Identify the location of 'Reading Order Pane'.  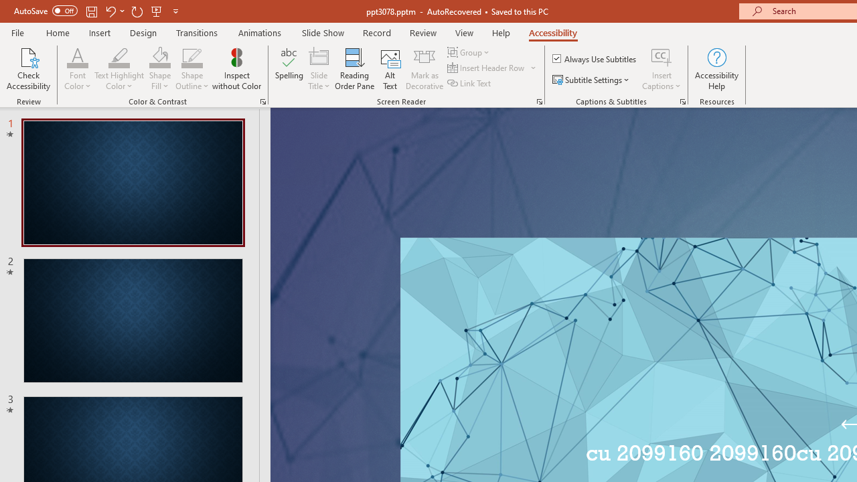
(354, 69).